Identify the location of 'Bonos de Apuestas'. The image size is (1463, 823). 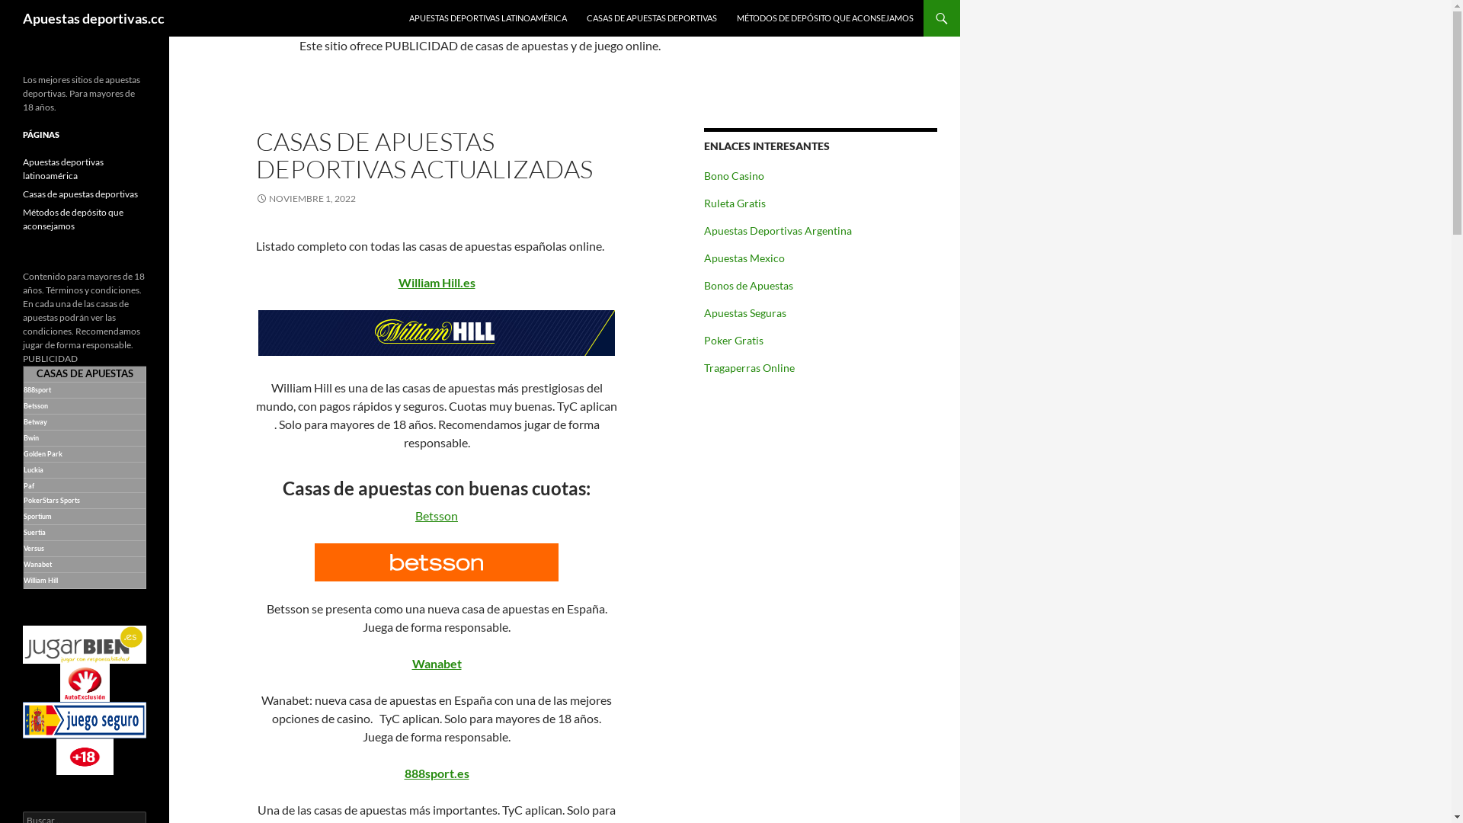
(748, 285).